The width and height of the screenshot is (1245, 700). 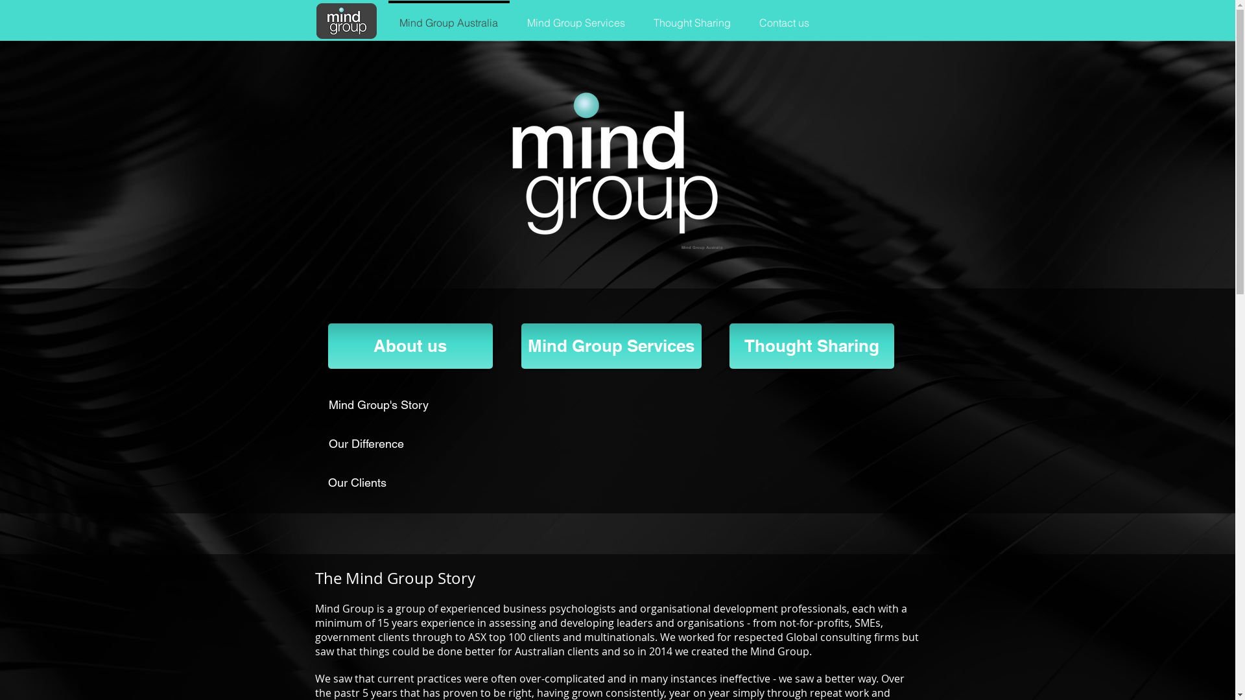 I want to click on 'Thought Sharing', so click(x=639, y=17).